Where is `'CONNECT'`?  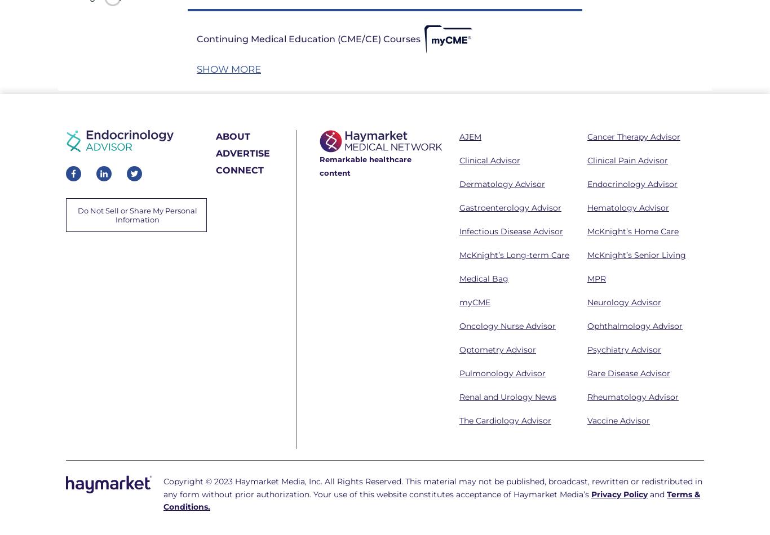 'CONNECT' is located at coordinates (215, 170).